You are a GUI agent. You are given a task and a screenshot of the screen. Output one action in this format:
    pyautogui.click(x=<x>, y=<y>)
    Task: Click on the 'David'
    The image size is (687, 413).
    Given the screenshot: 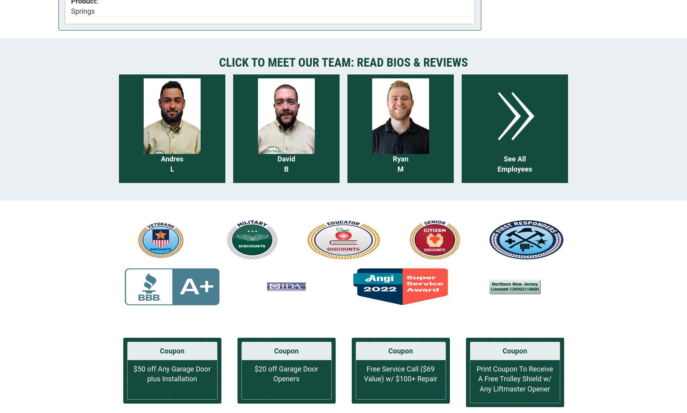 What is the action you would take?
    pyautogui.click(x=277, y=158)
    